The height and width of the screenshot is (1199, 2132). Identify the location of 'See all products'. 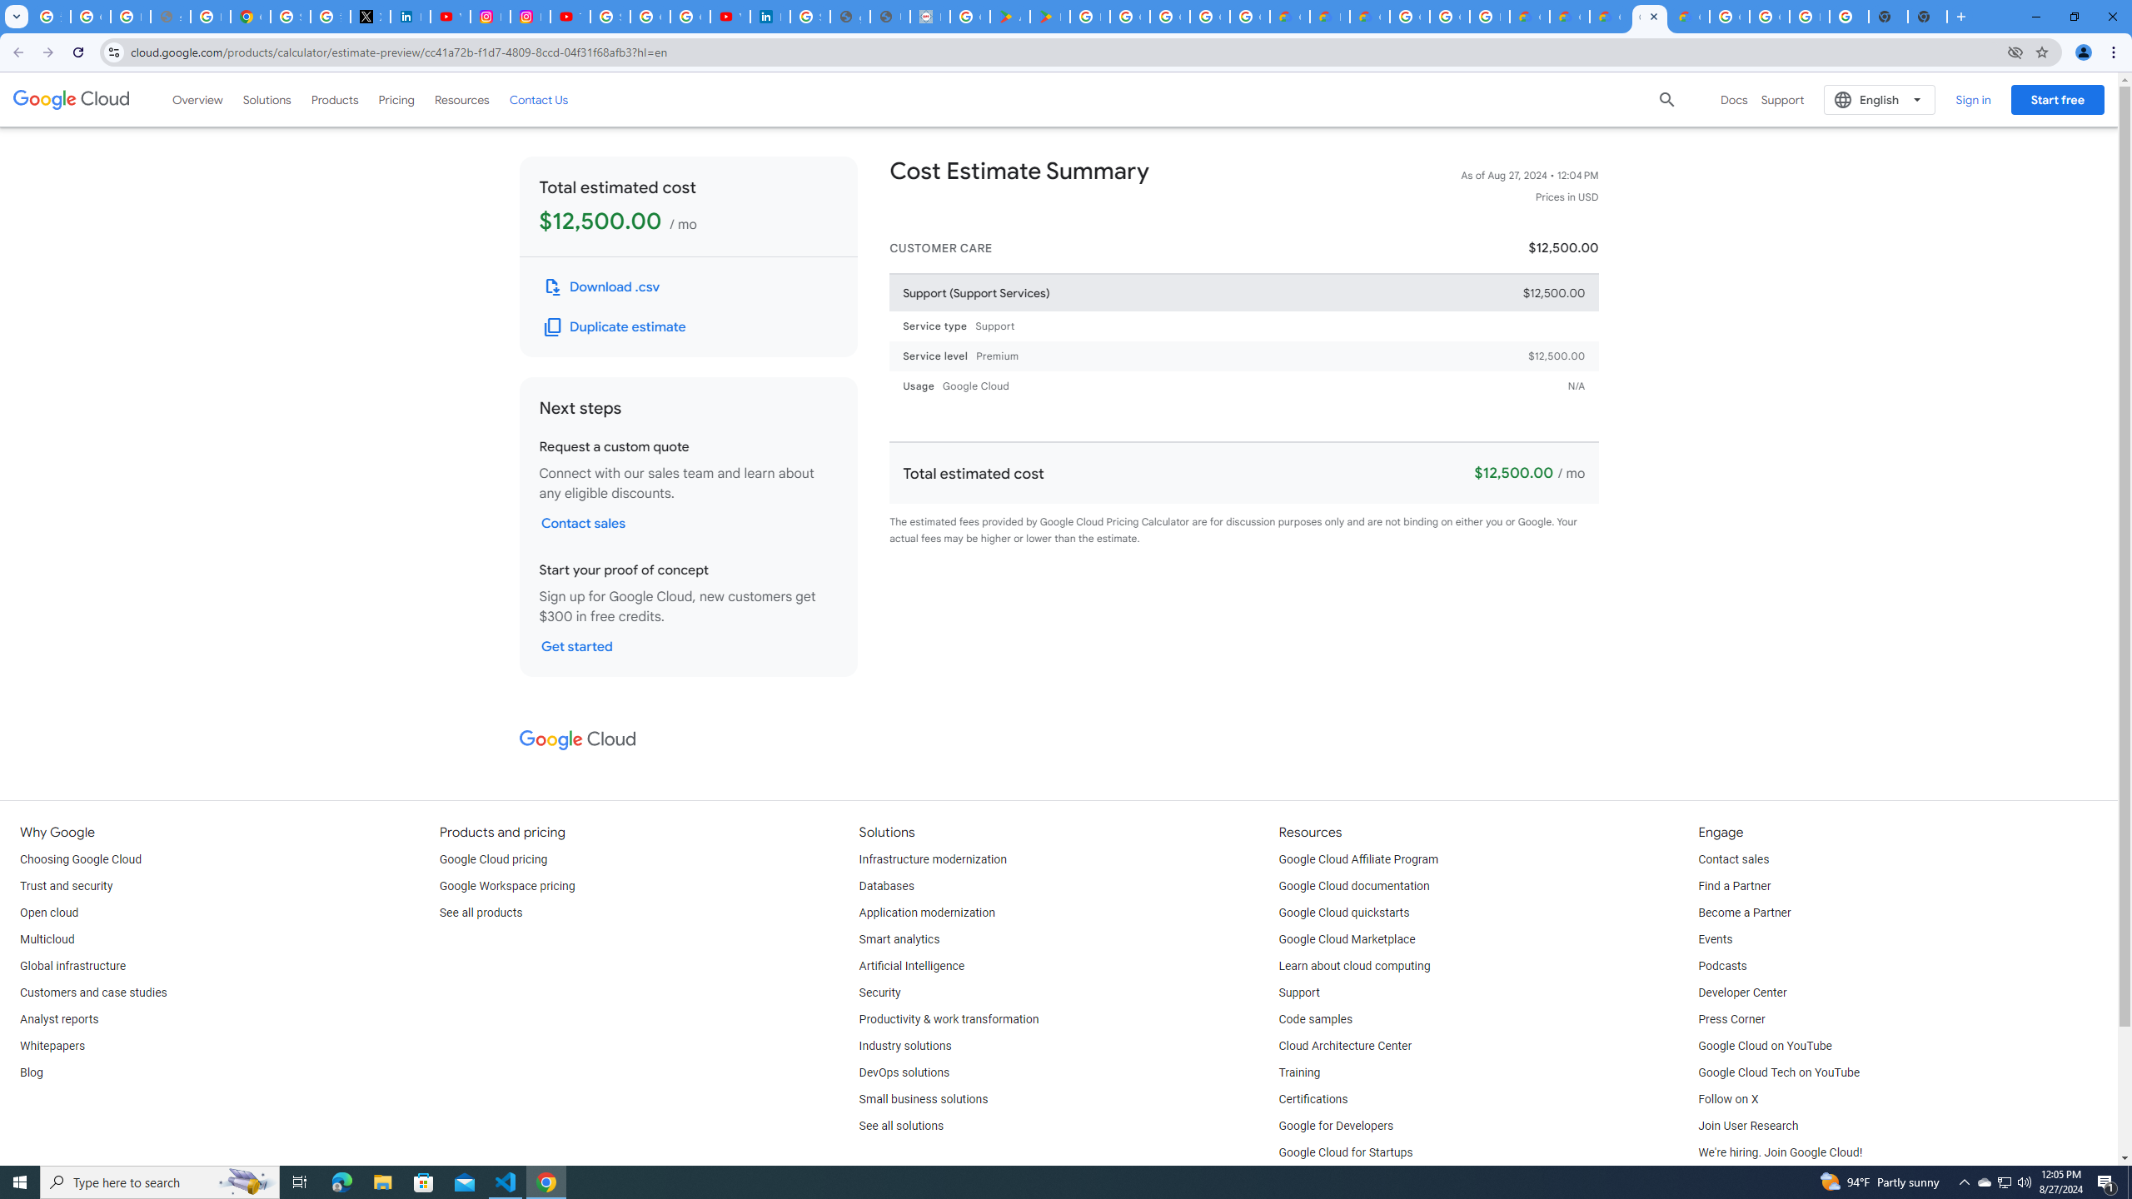
(480, 913).